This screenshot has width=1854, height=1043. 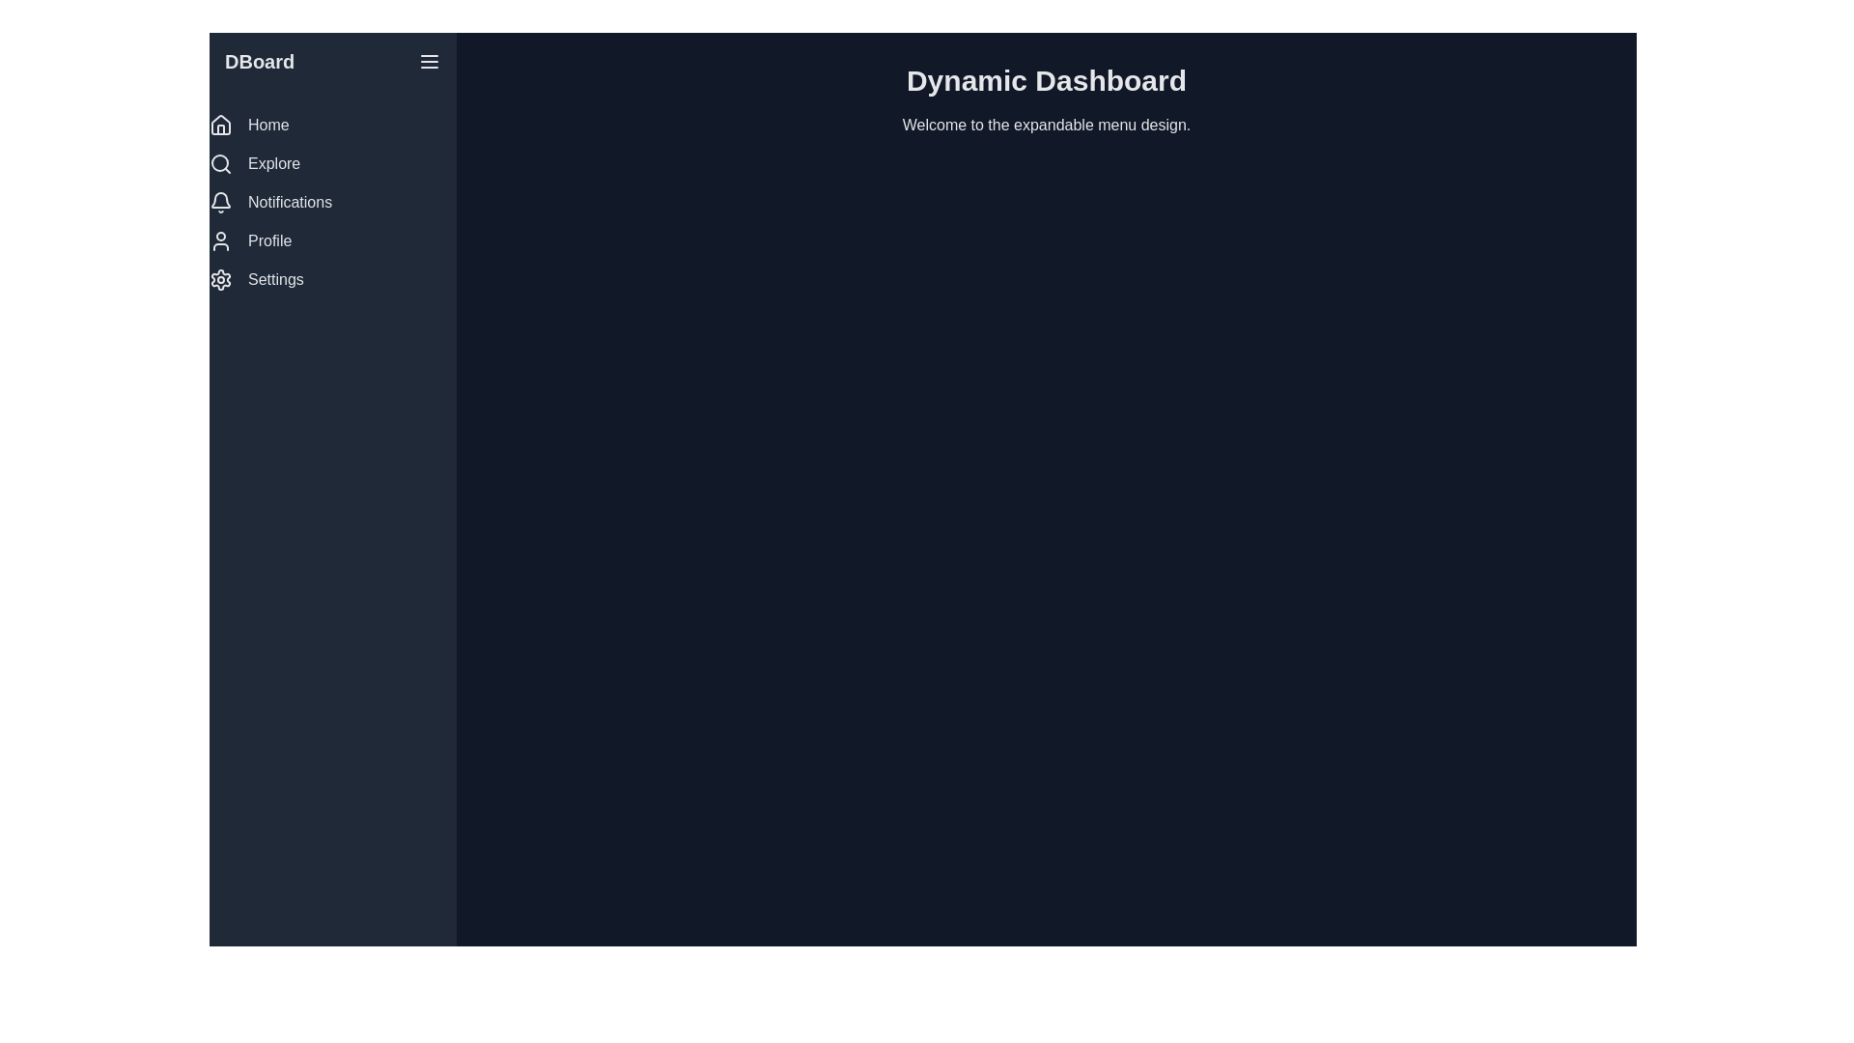 What do you see at coordinates (221, 126) in the screenshot?
I see `the house-shaped icon in the left sidebar navigation panel` at bounding box center [221, 126].